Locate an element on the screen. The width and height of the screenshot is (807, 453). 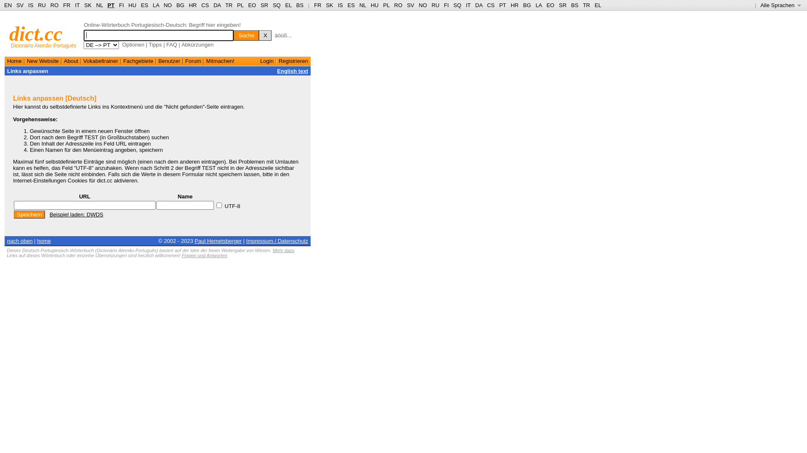
'LA' is located at coordinates (538, 5).